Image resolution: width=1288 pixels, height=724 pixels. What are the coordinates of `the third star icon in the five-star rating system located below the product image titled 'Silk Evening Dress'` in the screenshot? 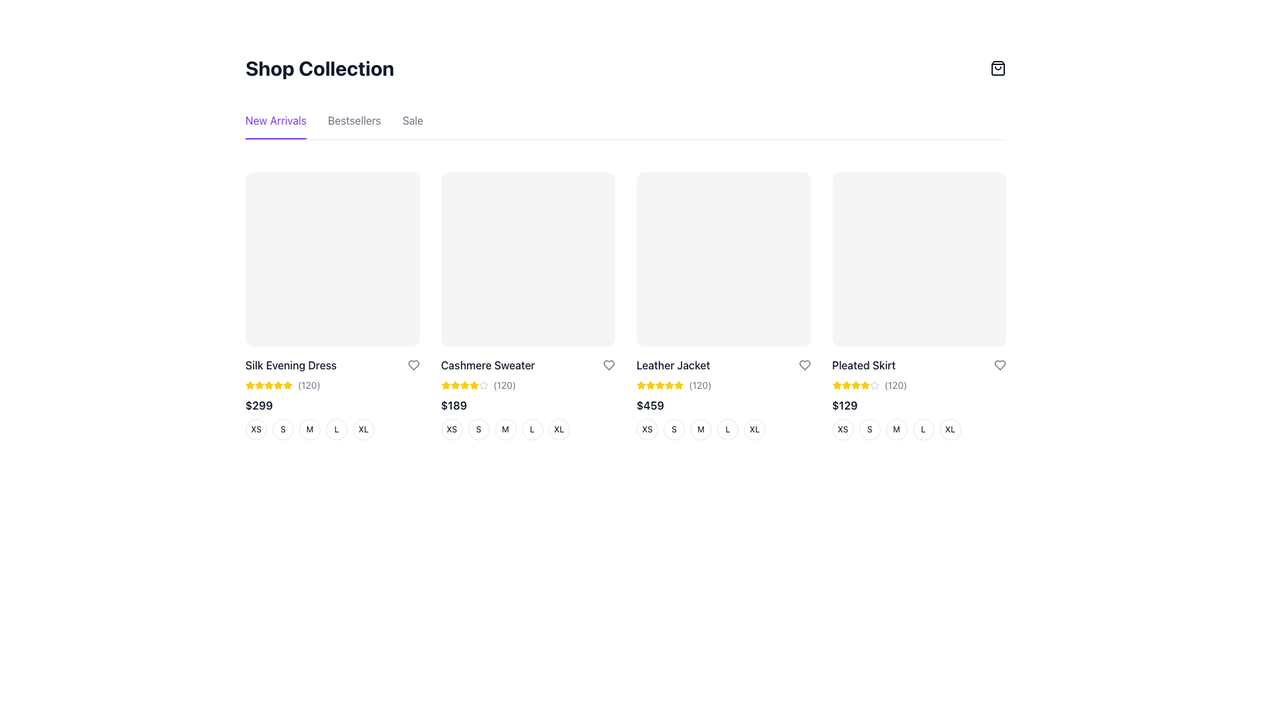 It's located at (268, 385).